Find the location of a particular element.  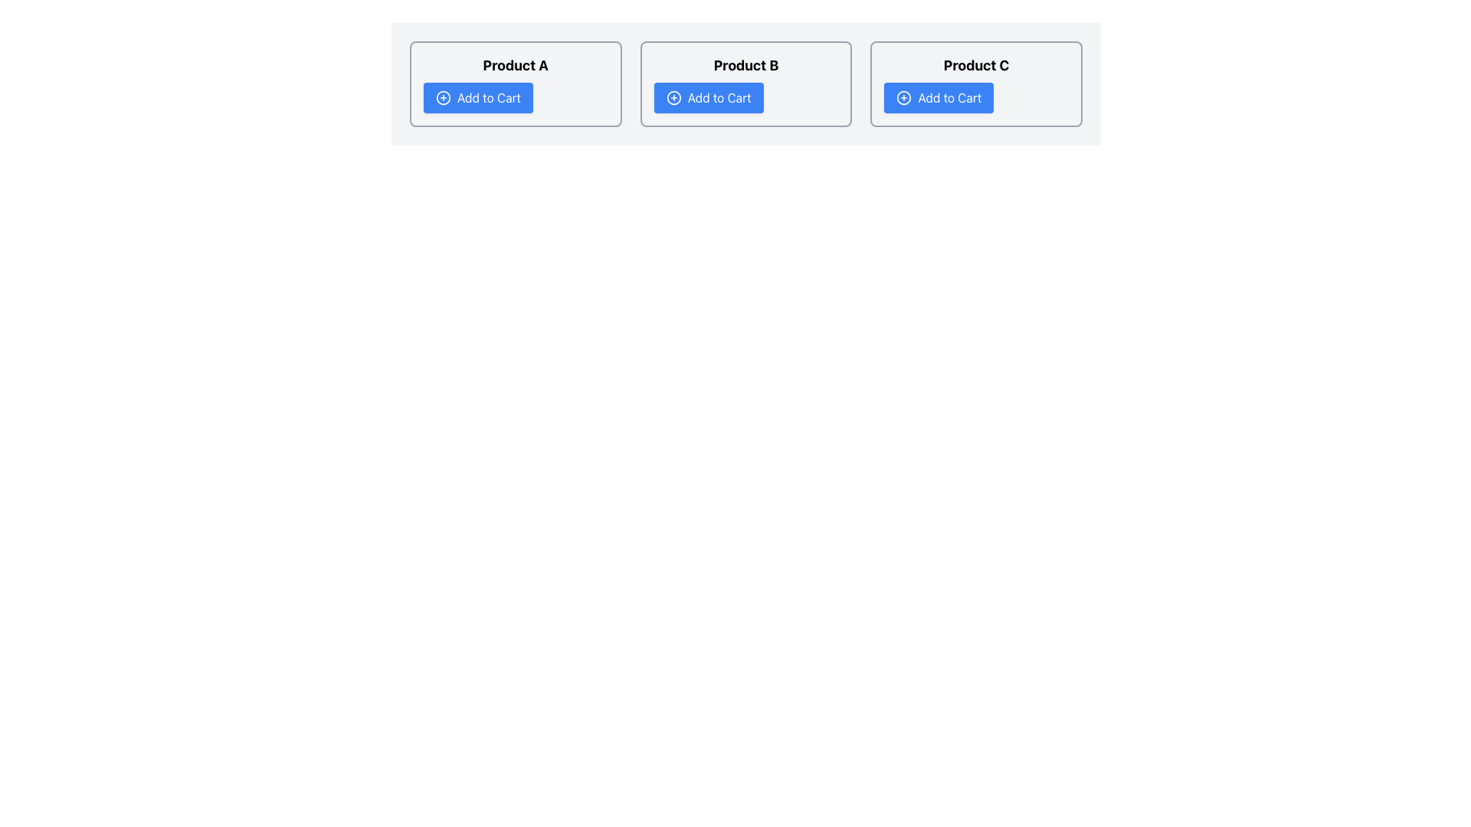

the circular outline of the '+' icon in the 'Add to Cart' button for 'Product C', which is the rightmost button in the row of similar buttons is located at coordinates (904, 97).